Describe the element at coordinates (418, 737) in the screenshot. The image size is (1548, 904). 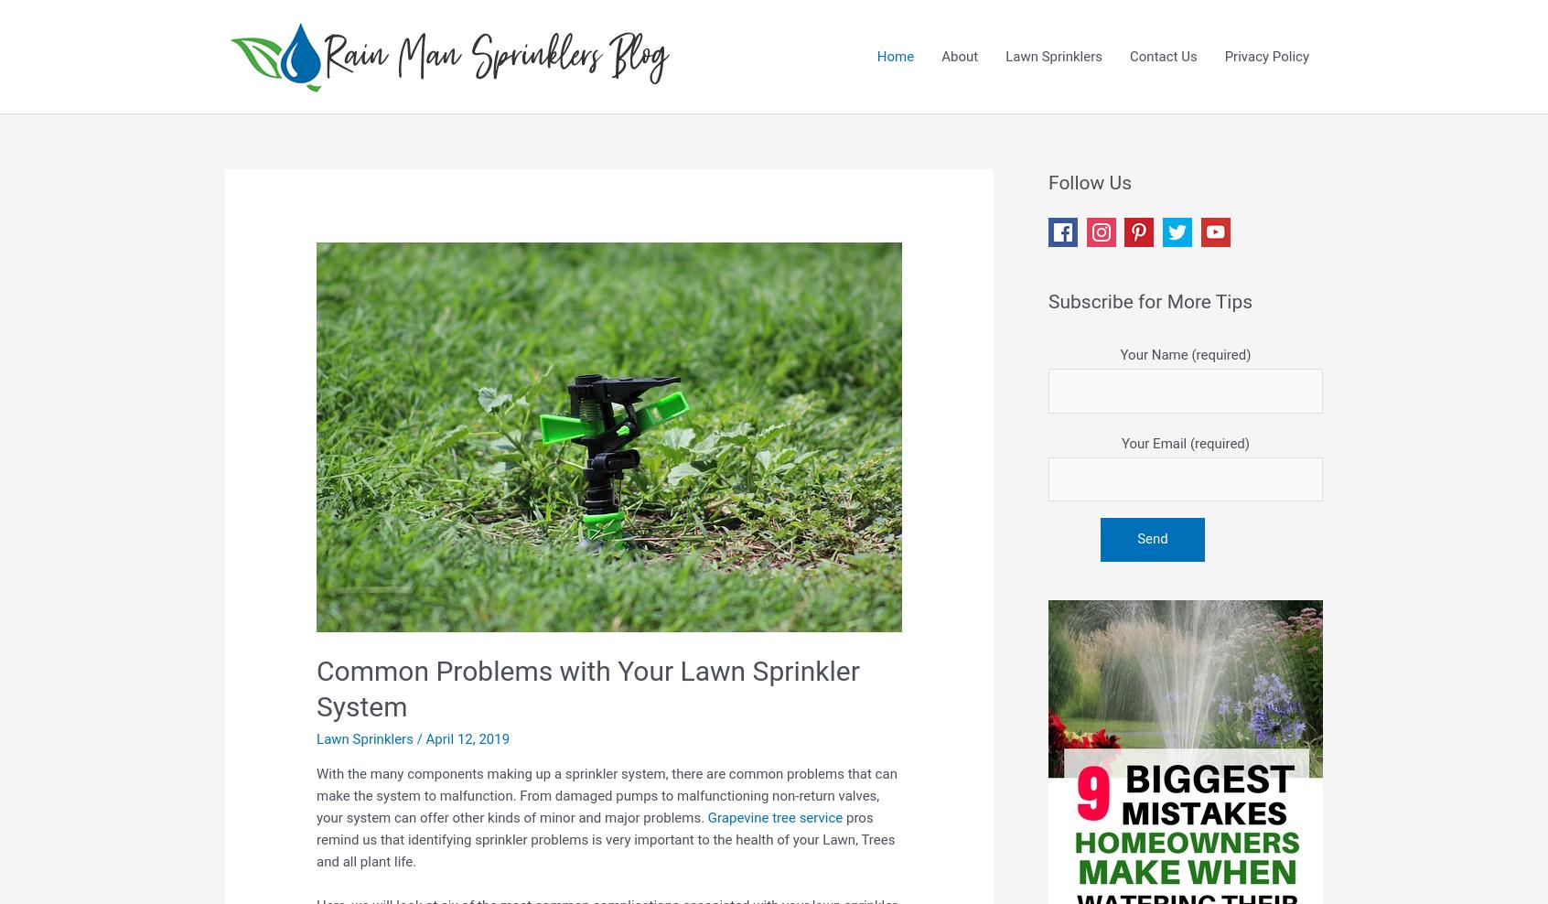
I see `'/'` at that location.